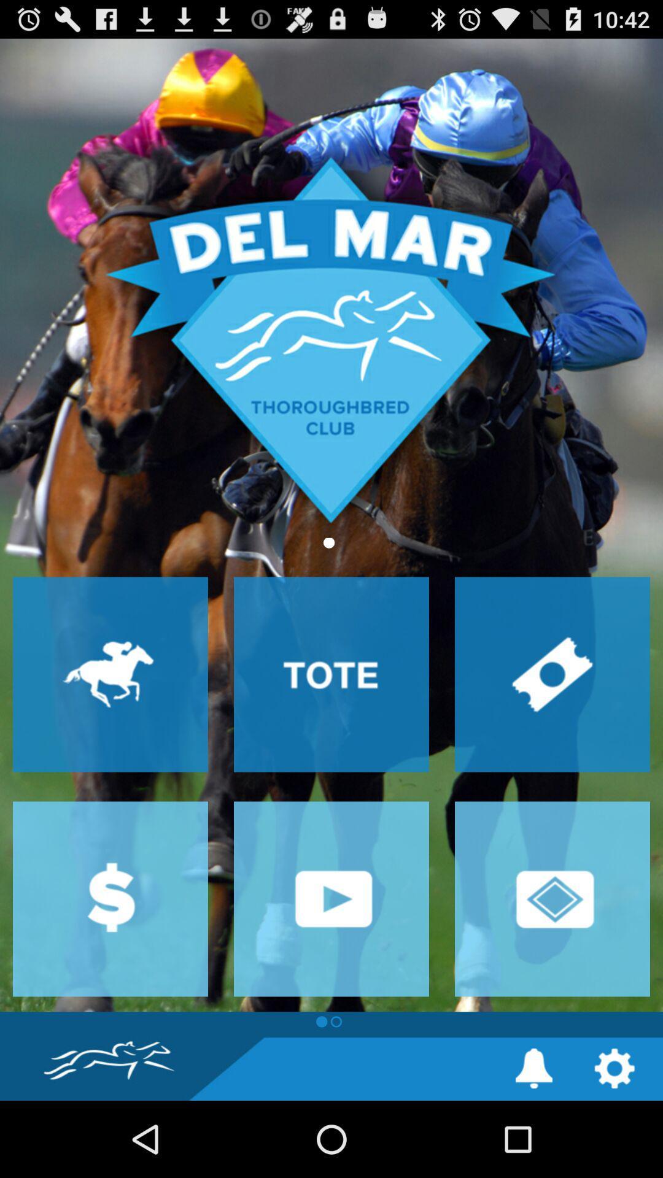 The width and height of the screenshot is (663, 1178). What do you see at coordinates (551, 674) in the screenshot?
I see `buy tickets` at bounding box center [551, 674].